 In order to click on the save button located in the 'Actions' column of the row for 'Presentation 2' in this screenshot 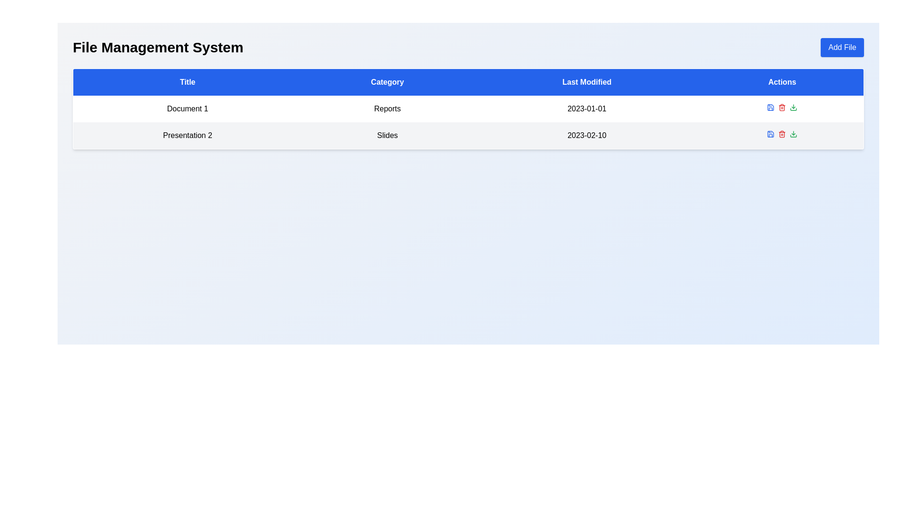, I will do `click(771, 134)`.